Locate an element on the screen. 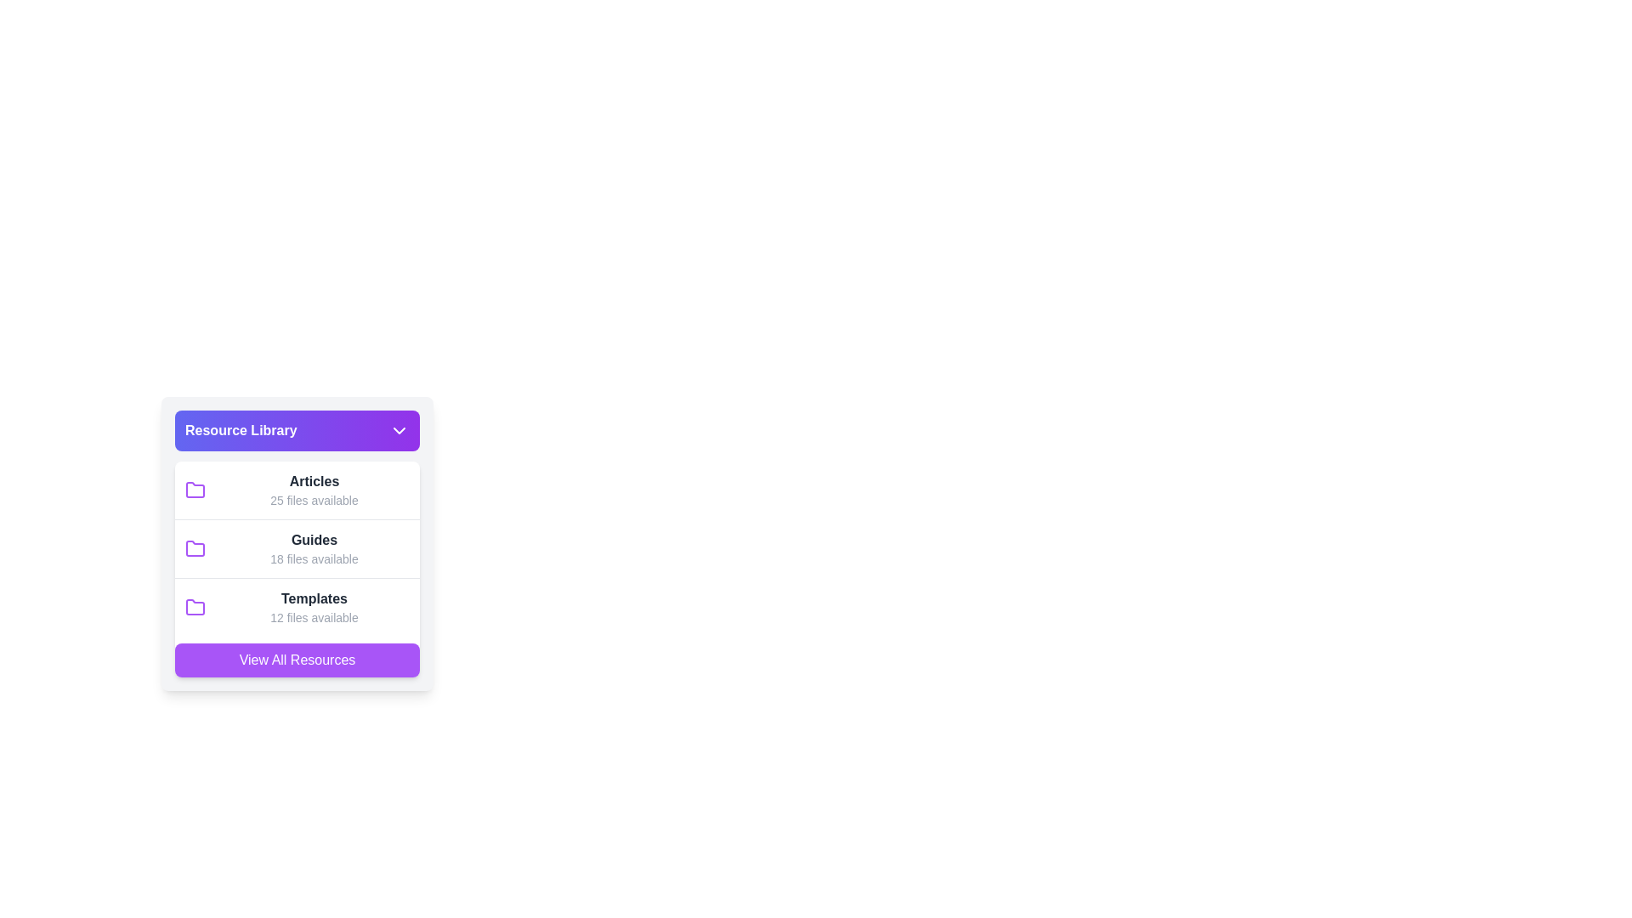  the informational static text label that indicates the number of files available under the 'Templates' category, which is located directly underneath the 'Templates' heading is located at coordinates (314, 617).